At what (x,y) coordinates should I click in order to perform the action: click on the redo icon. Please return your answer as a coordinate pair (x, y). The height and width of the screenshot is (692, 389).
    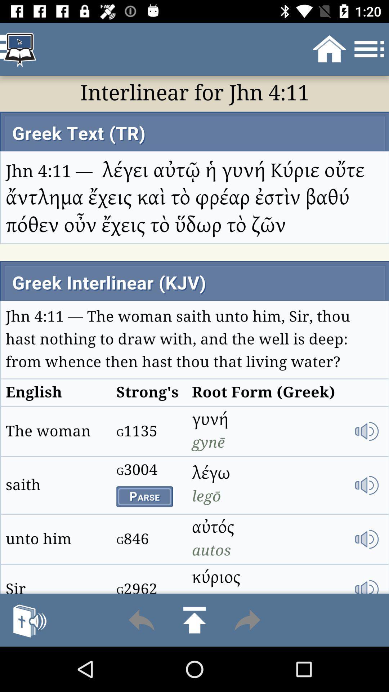
    Looking at the image, I should click on (247, 620).